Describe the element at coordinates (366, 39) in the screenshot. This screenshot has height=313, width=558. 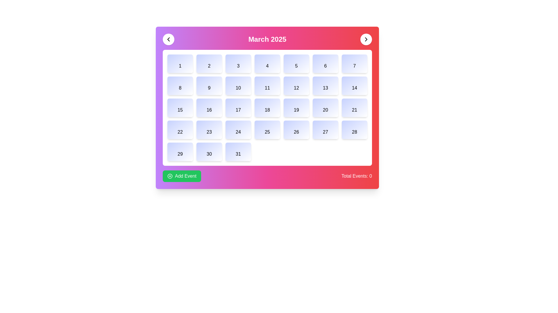
I see `the rightward-pointing triangular glyph of the chevron icon located in the upper-right corner of the interface, adjacent to the calendar header area` at that location.